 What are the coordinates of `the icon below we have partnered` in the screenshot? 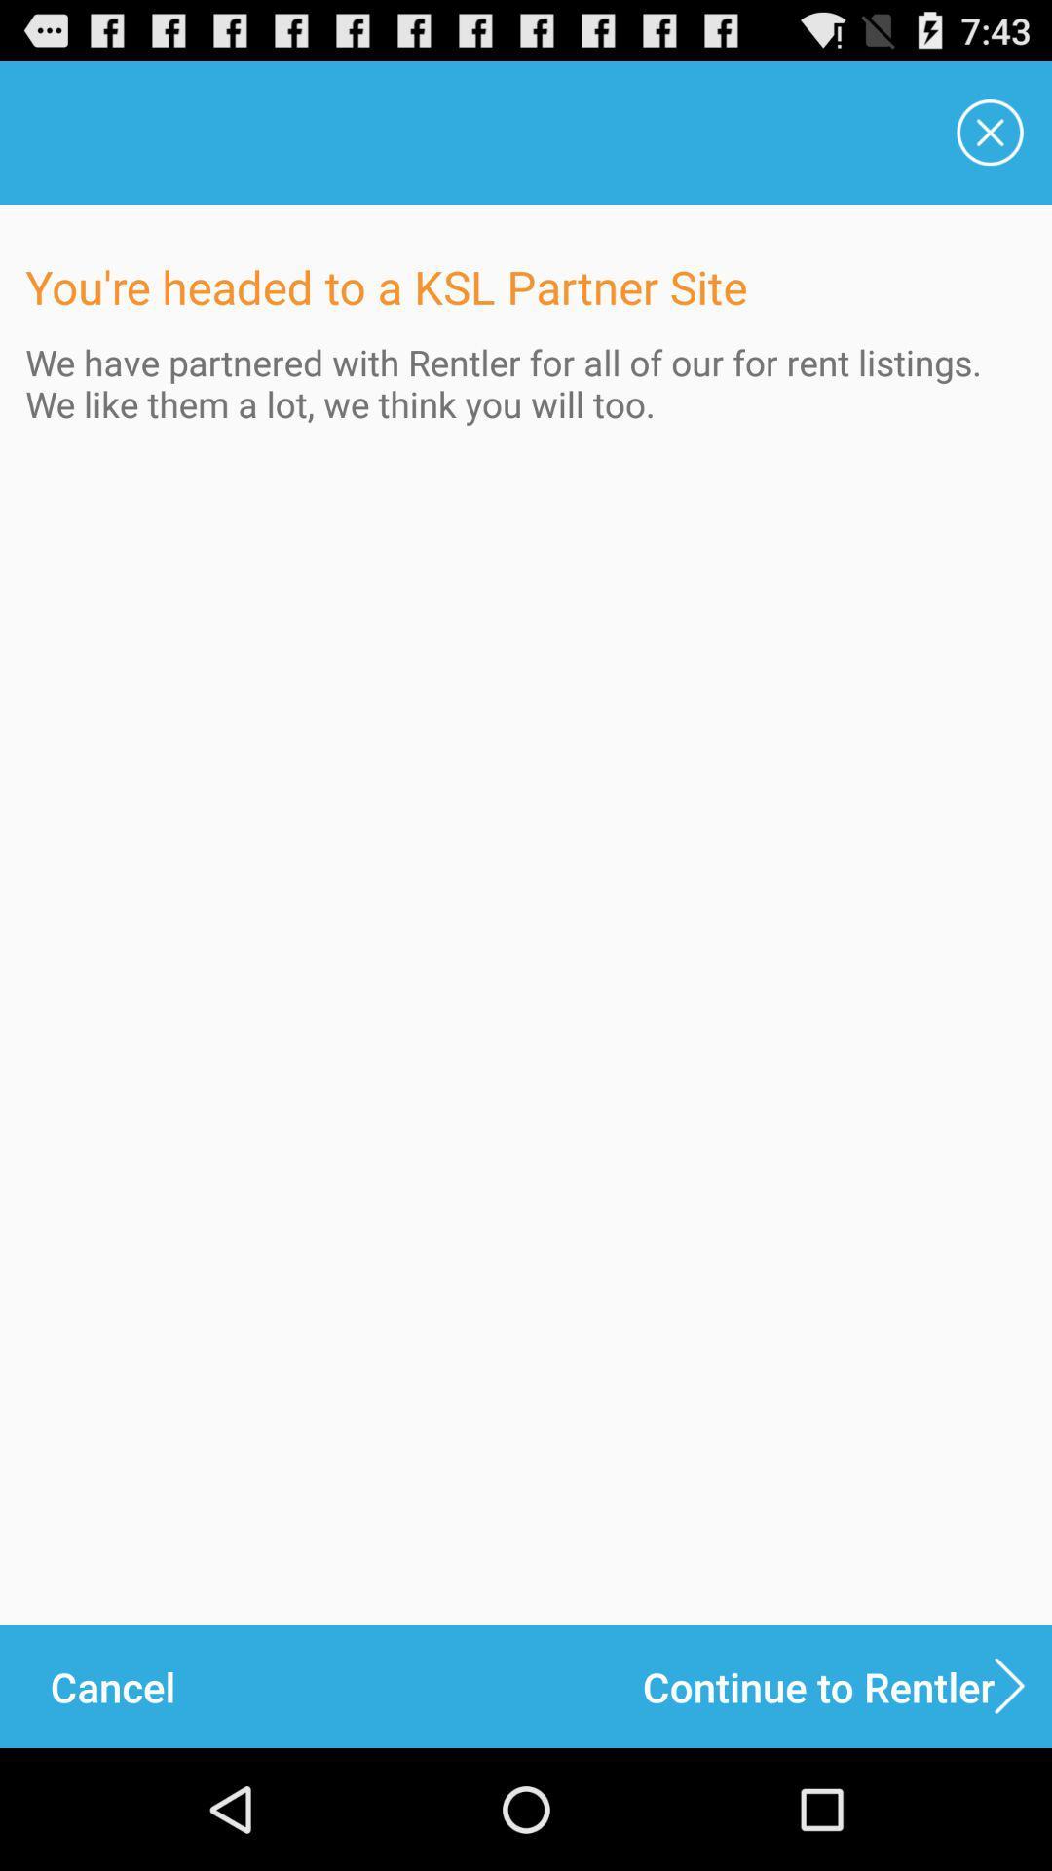 It's located at (112, 1686).